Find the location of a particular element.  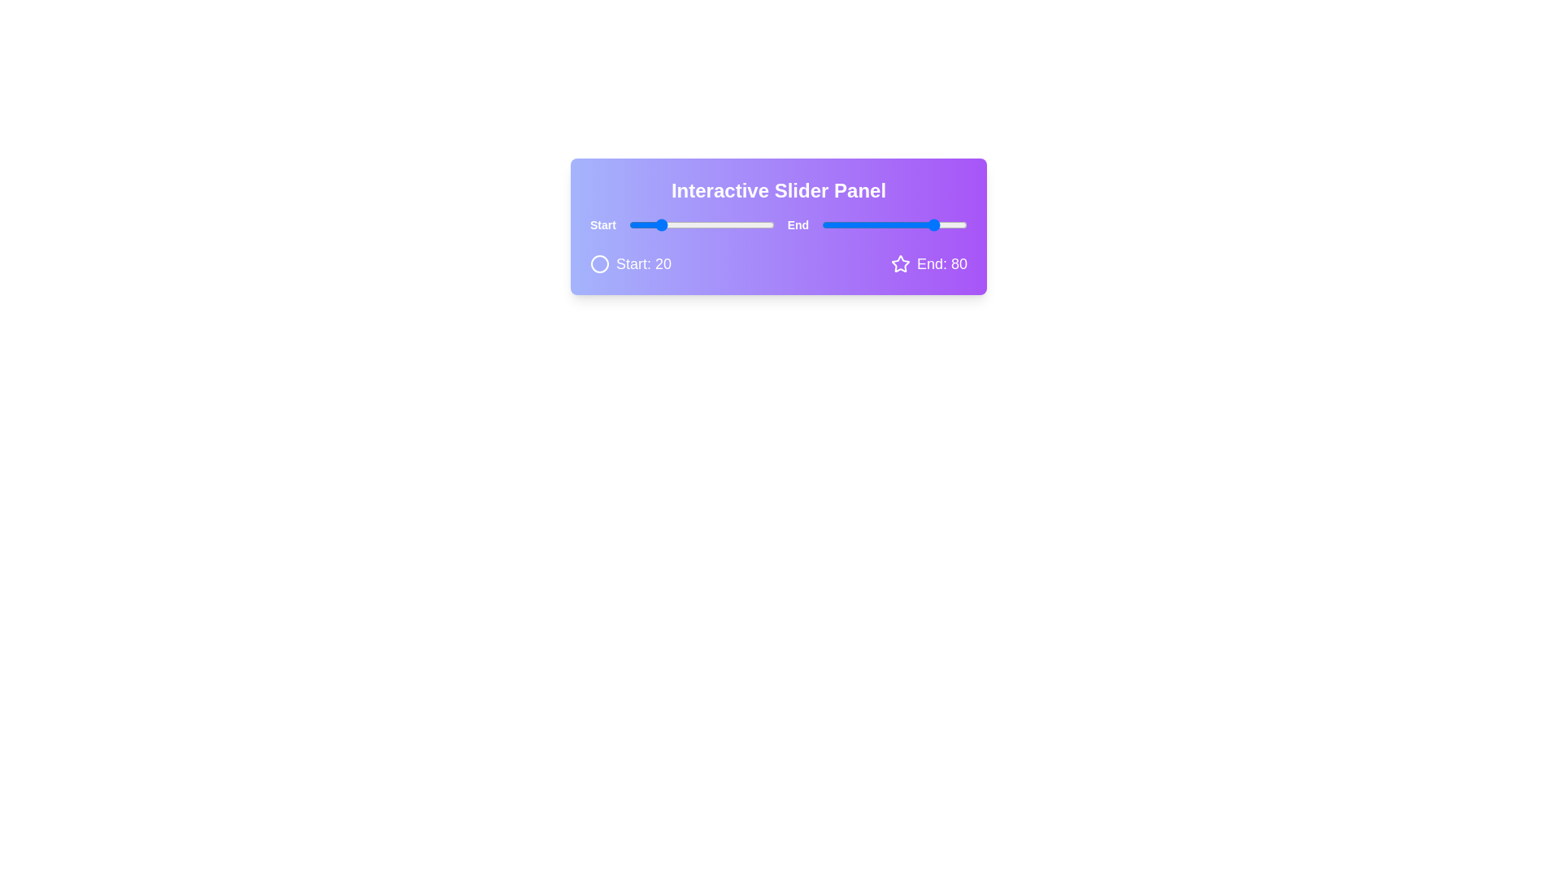

the star-shaped icon with a purple background and white outline, located next to the text 'End: 80' in the bottom-right section of the 'Interactive Slider Panel' is located at coordinates (900, 263).